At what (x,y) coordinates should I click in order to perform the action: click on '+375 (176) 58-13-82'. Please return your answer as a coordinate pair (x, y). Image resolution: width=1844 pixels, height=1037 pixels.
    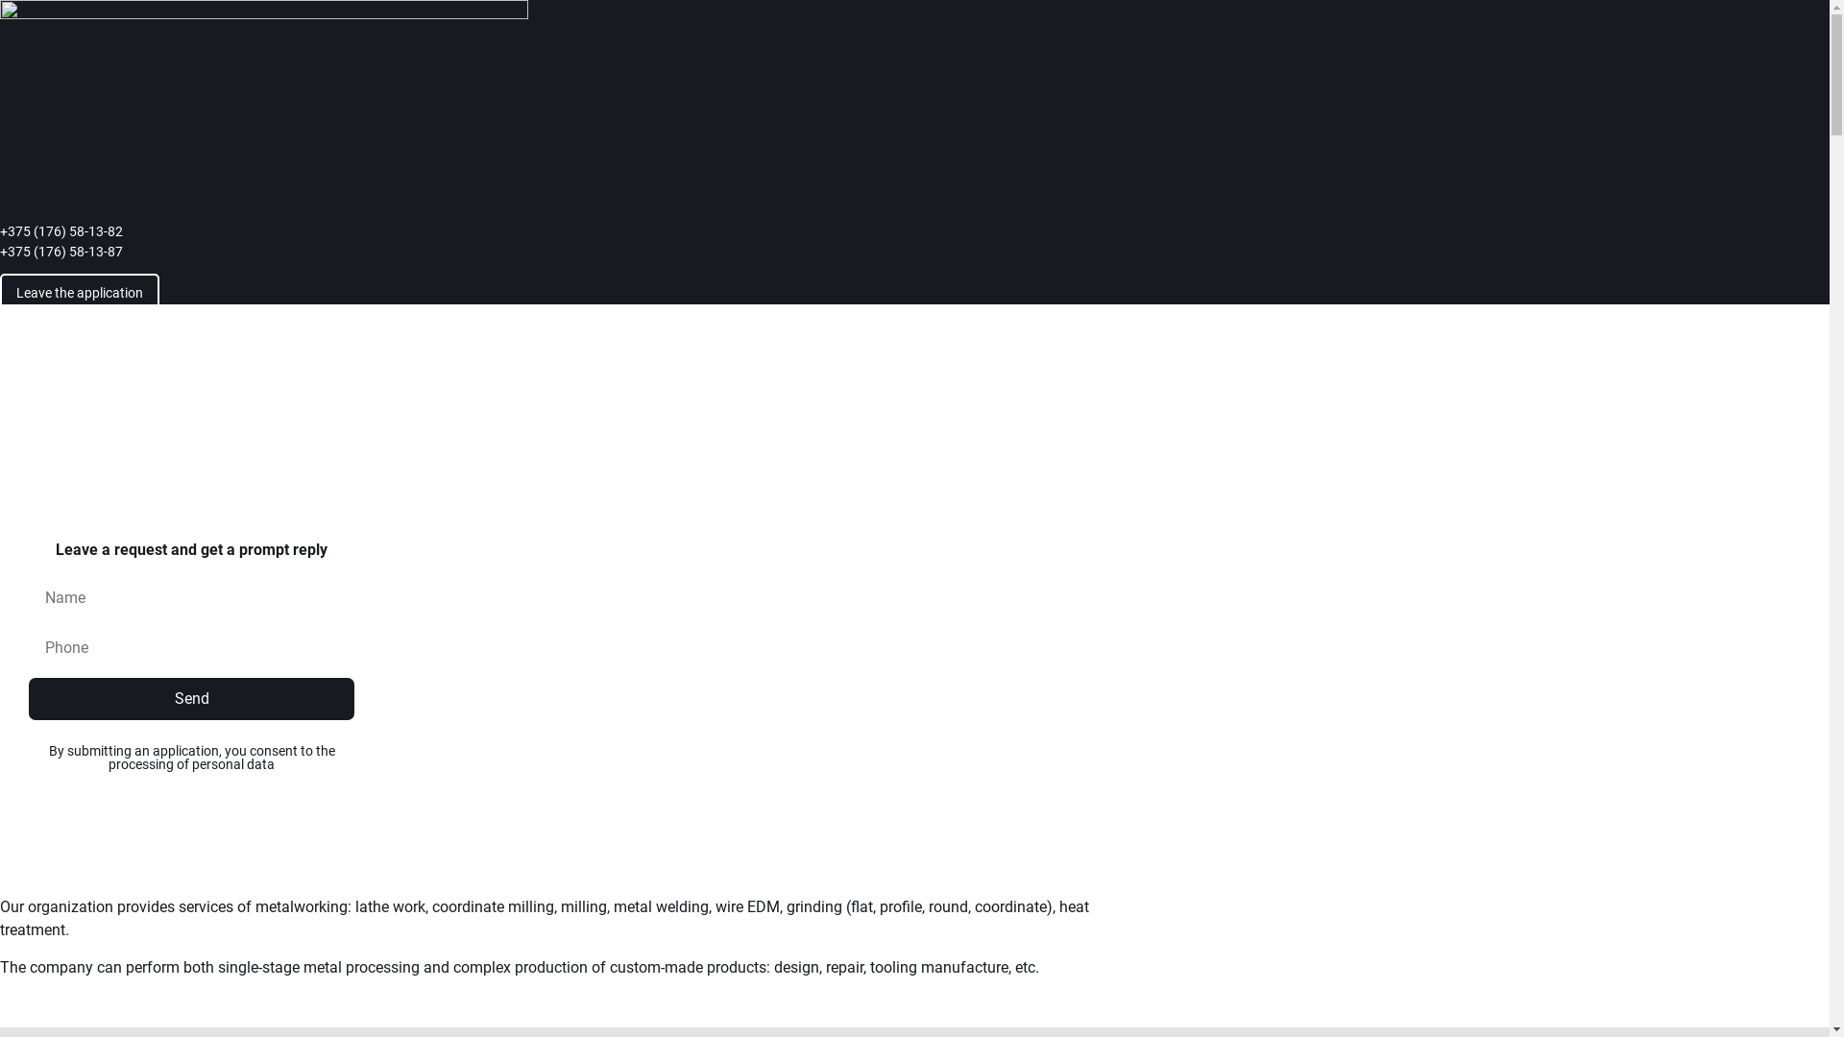
    Looking at the image, I should click on (0, 230).